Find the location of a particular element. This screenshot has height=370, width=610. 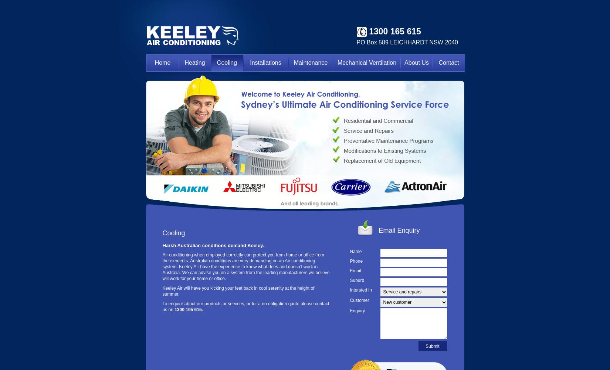

'Air conditioning when employed correctly can protect you from home or office from the elements. Australian conditions are very demanding on an Air conditioning system. Keeley Air have the experience to know what does and doesn’t work in Australia. We can advise you on a system from the leading manufacturers we believe will work for your home or office.' is located at coordinates (245, 266).